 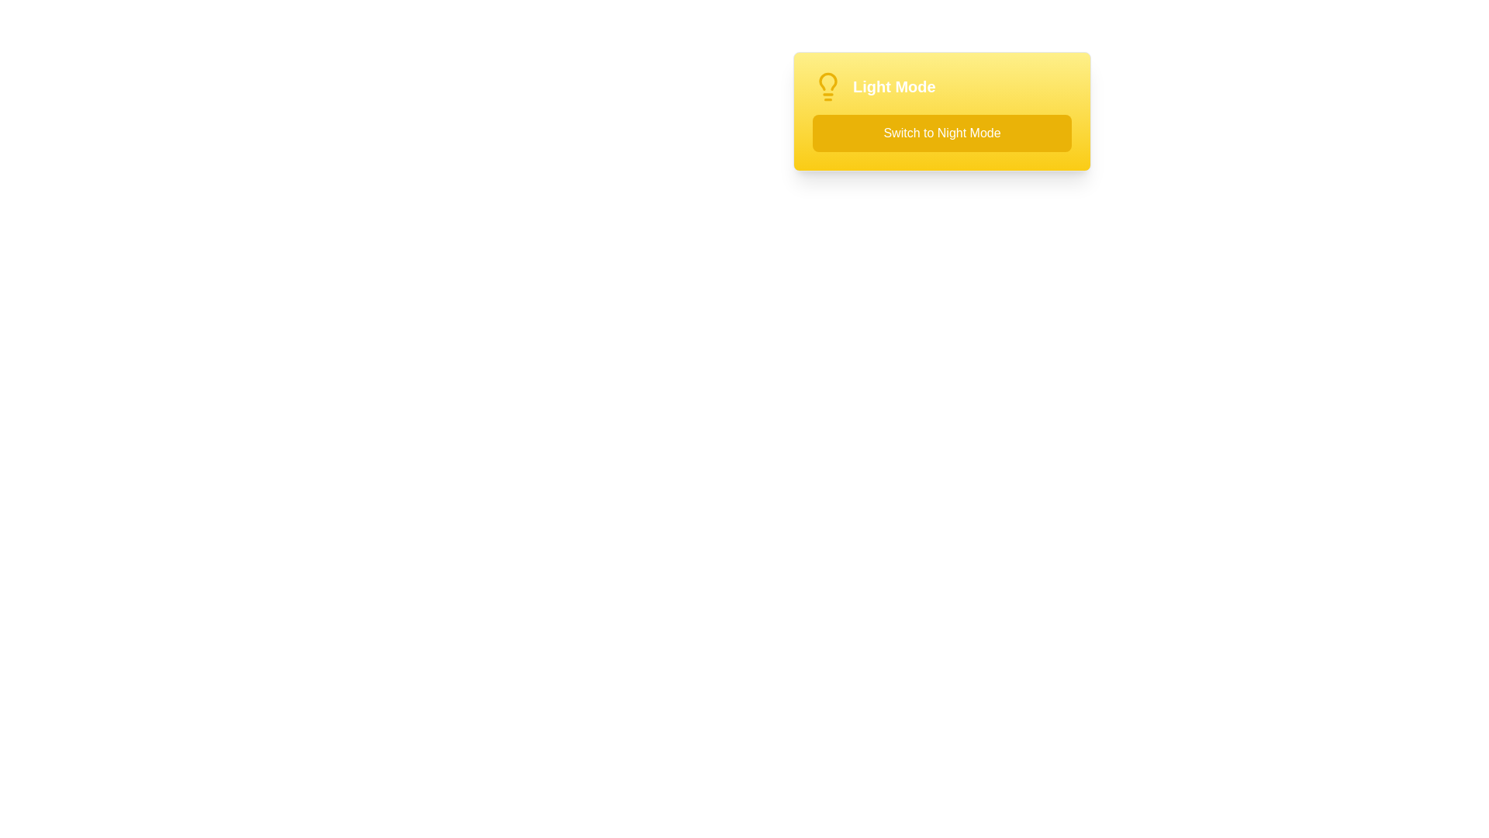 I want to click on the static text label indicating 'Light Mode' is currently active, which is positioned to the right of a light bulb icon, so click(x=894, y=86).